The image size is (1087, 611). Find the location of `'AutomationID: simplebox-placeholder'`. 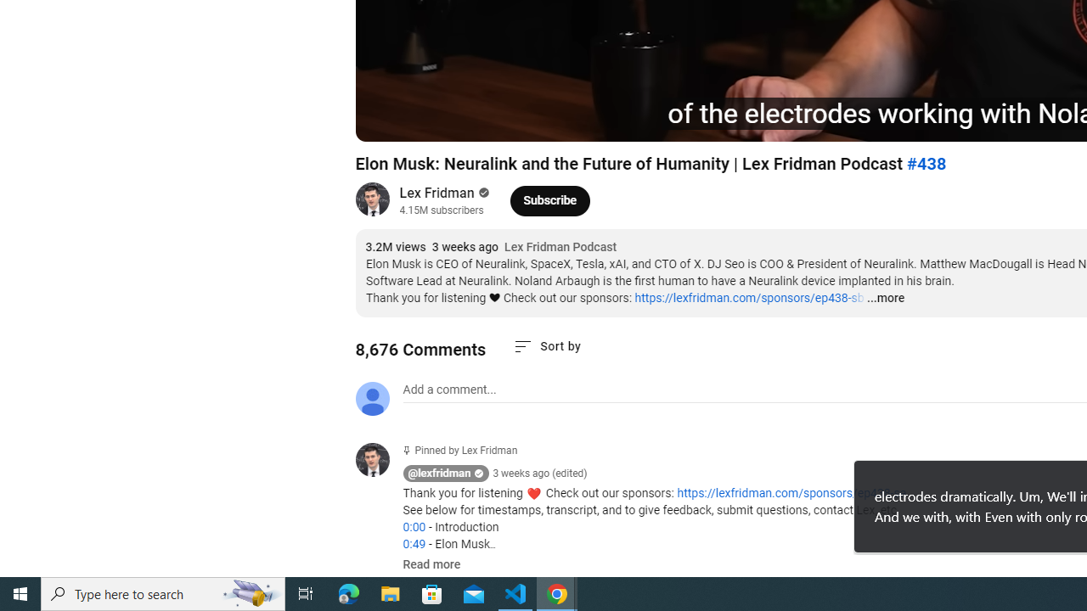

'AutomationID: simplebox-placeholder' is located at coordinates (449, 390).